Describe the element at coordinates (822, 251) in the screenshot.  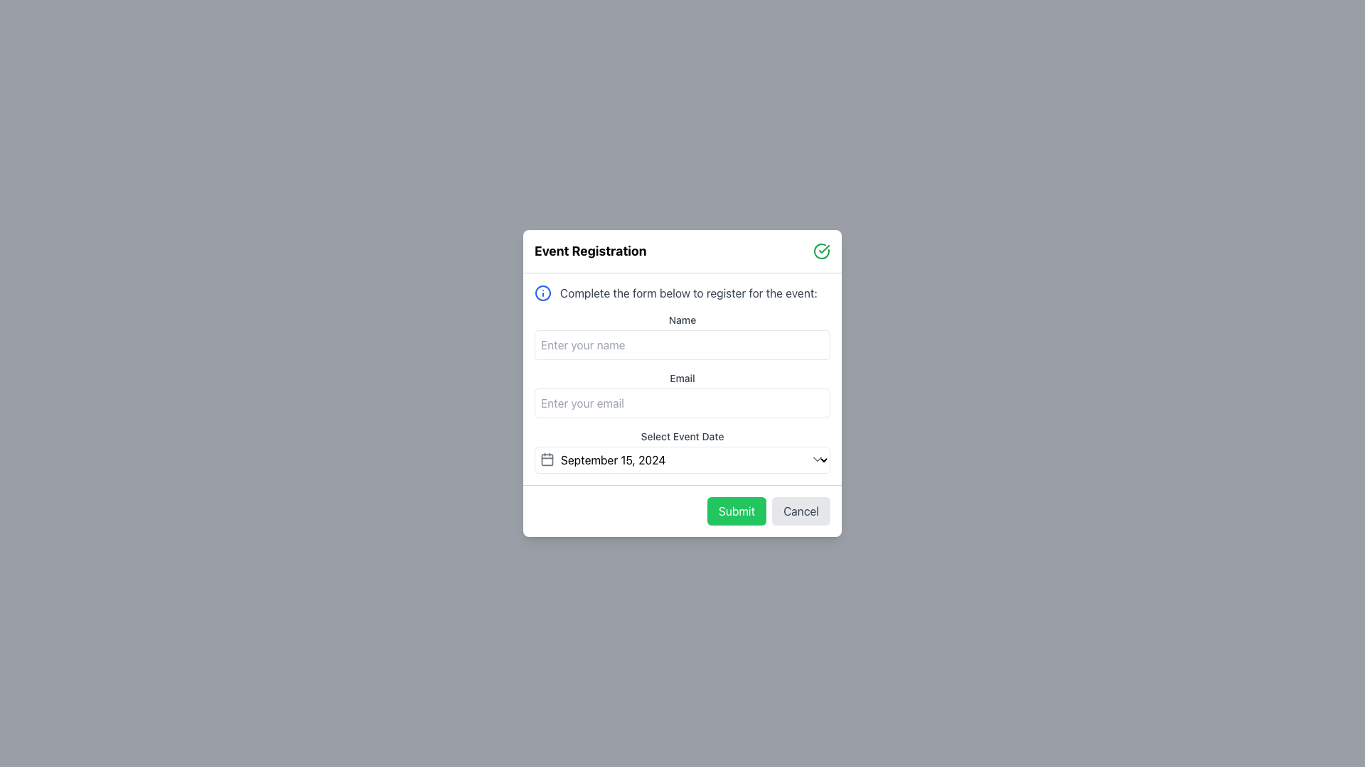
I see `the green circular icon with a checkmark inside it located in the upper-right corner of the 'Event Registration' header section` at that location.